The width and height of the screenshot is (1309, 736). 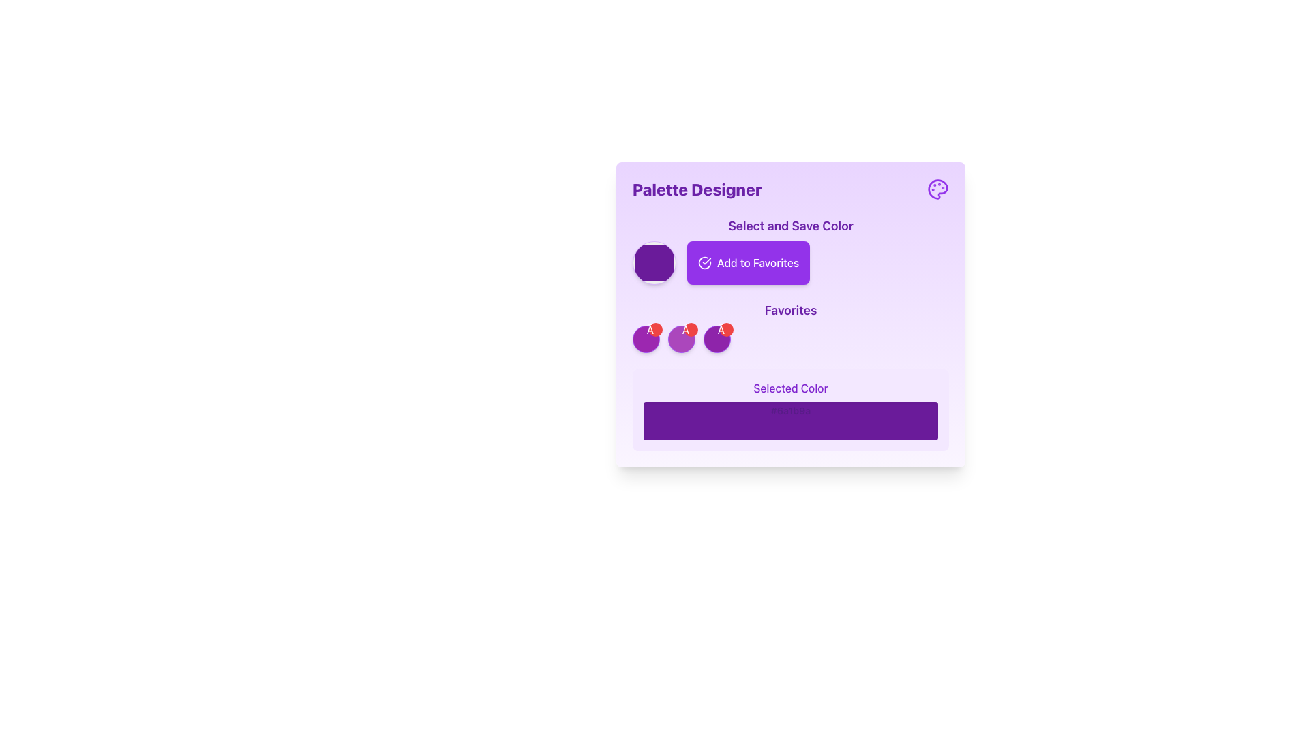 I want to click on informational header label that indicates the purpose of the associated controls for selecting and saving a color, so click(x=791, y=225).